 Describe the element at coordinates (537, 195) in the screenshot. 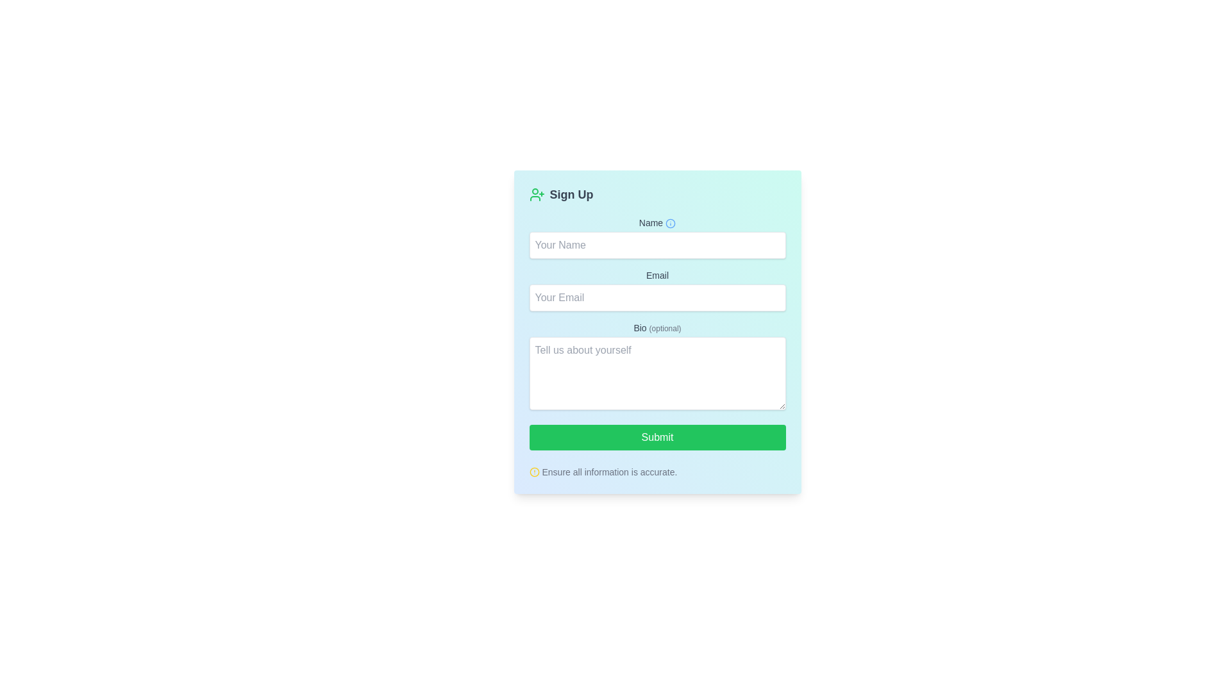

I see `the user registration icon located at the top-left corner of the card's header, preceding the 'Sign Up' text` at that location.